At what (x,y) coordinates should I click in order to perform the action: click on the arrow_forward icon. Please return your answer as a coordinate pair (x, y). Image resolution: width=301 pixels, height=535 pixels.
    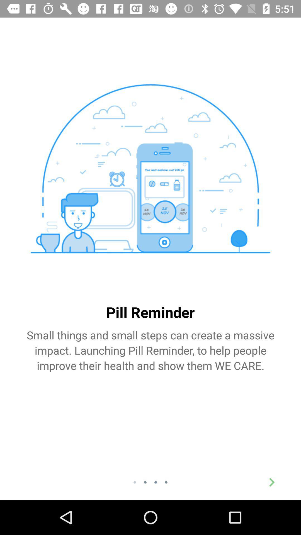
    Looking at the image, I should click on (271, 482).